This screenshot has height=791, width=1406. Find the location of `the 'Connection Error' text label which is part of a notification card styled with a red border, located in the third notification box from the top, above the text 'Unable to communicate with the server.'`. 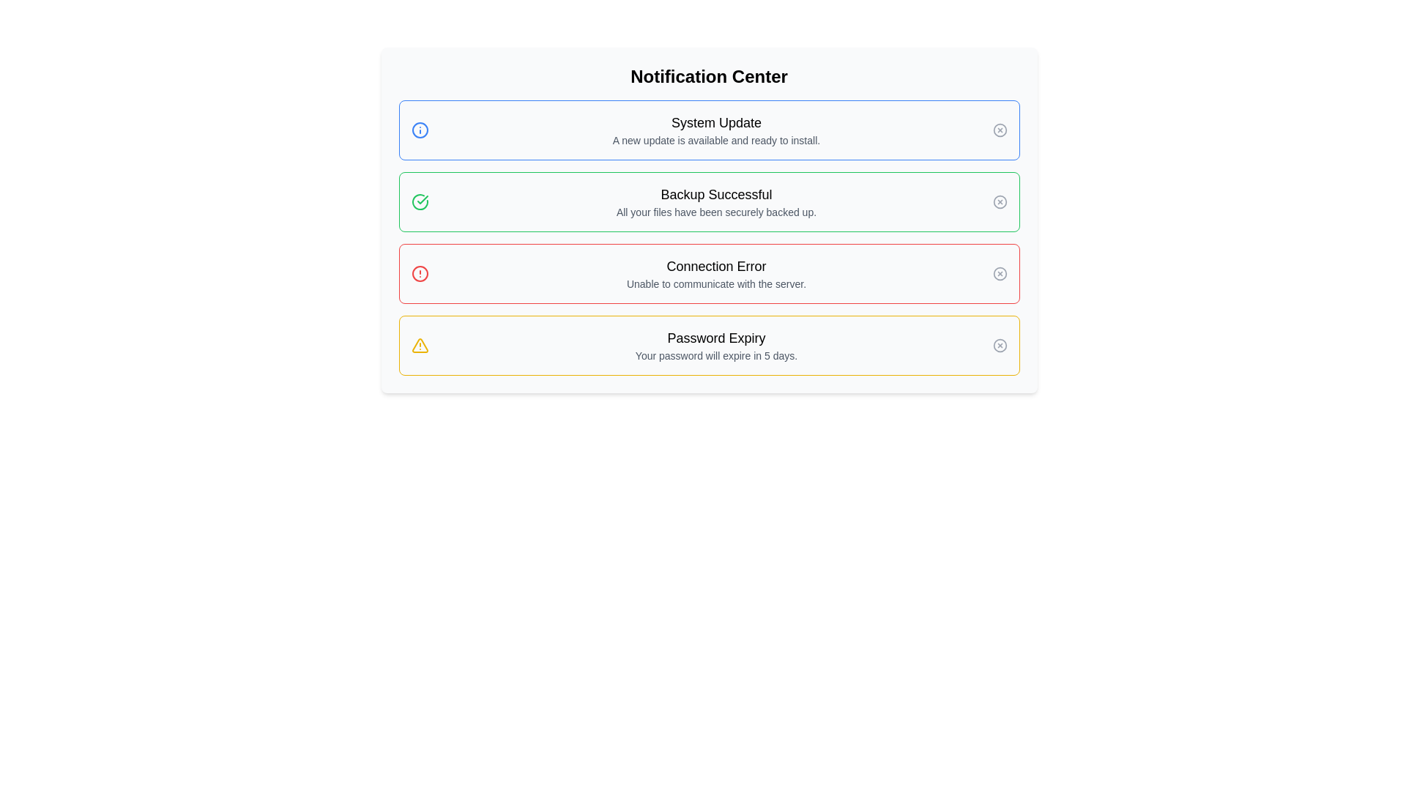

the 'Connection Error' text label which is part of a notification card styled with a red border, located in the third notification box from the top, above the text 'Unable to communicate with the server.' is located at coordinates (716, 266).